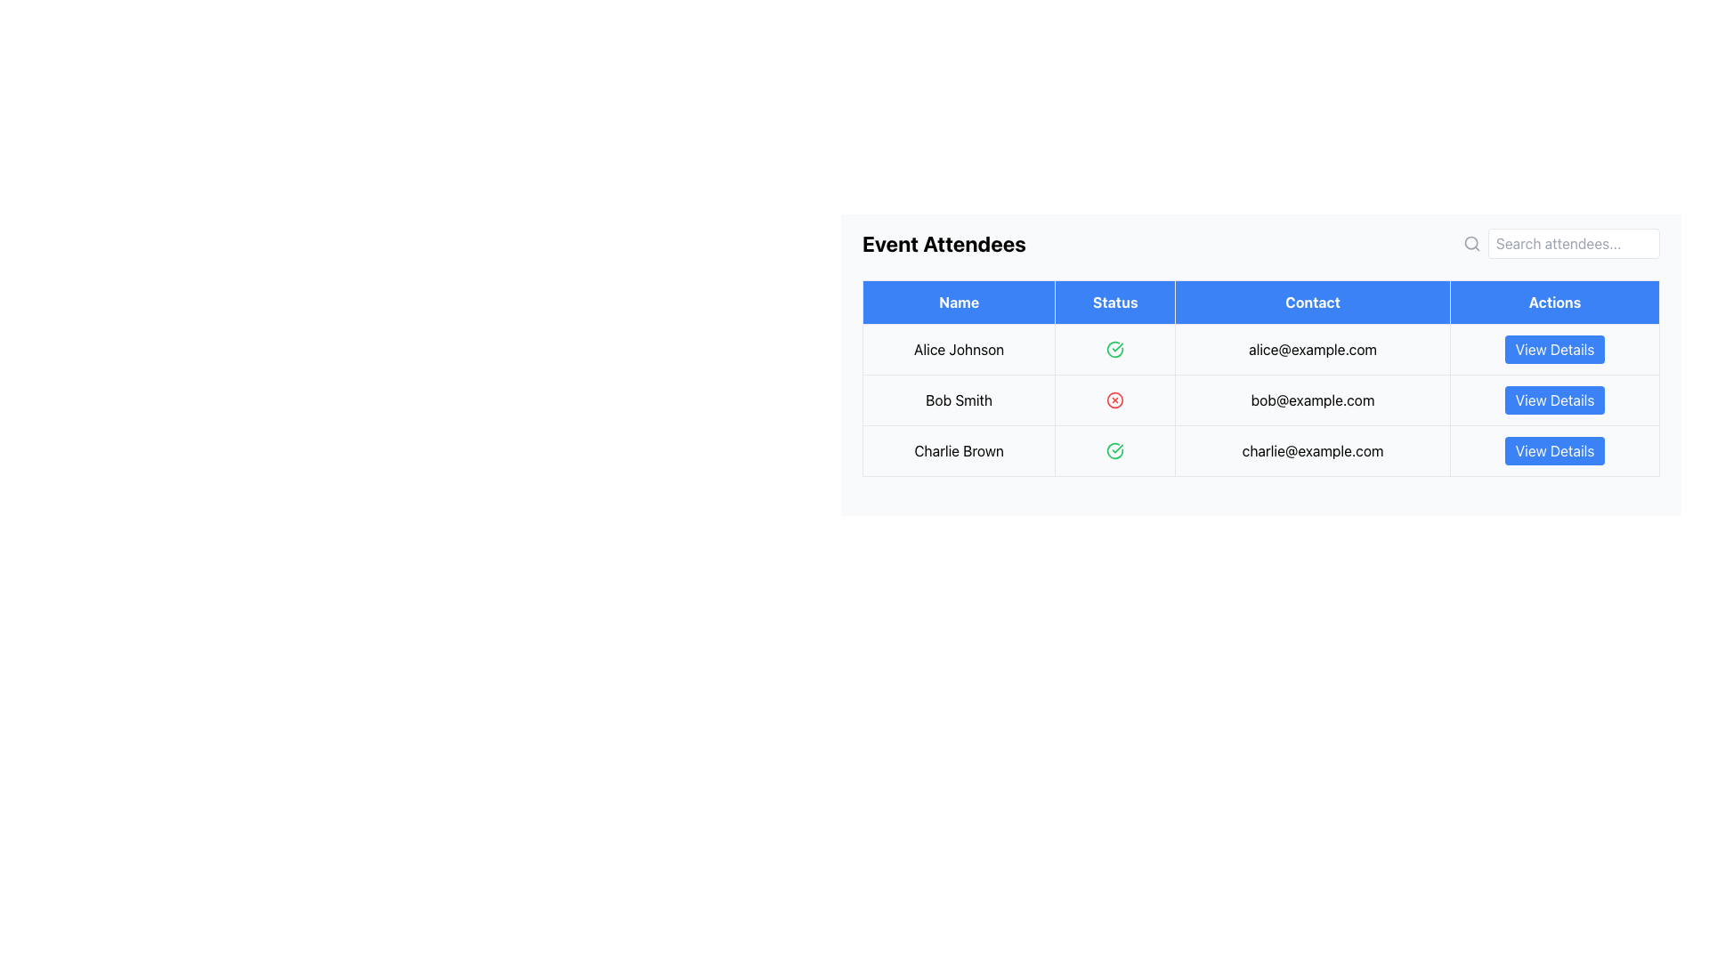 This screenshot has width=1709, height=961. What do you see at coordinates (1554, 350) in the screenshot?
I see `the button in the Actions column of the first row to change its visual state` at bounding box center [1554, 350].